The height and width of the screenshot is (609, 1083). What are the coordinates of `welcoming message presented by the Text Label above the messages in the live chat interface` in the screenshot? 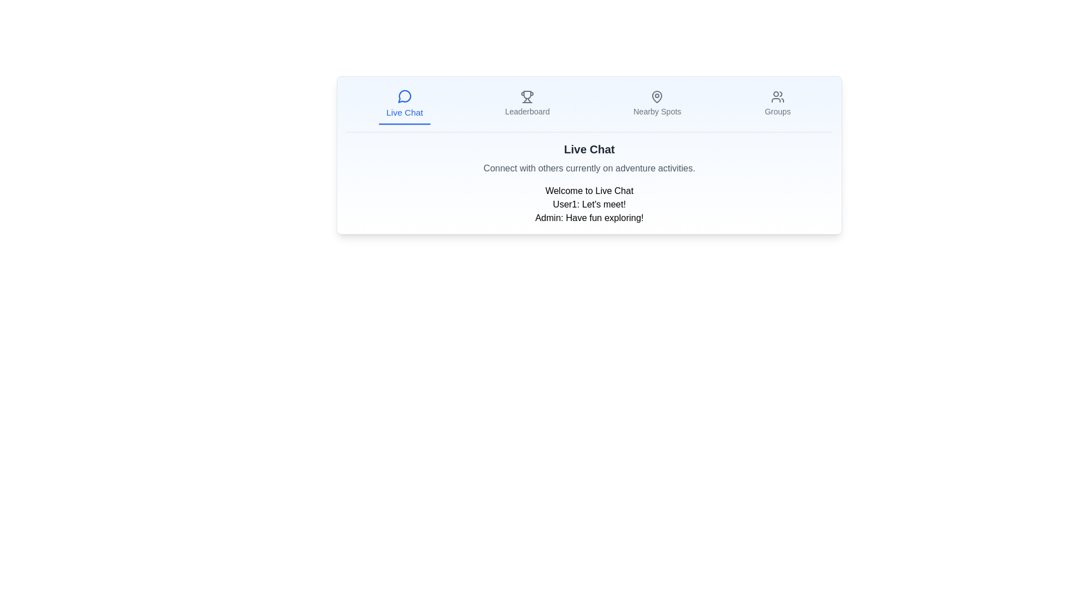 It's located at (589, 191).